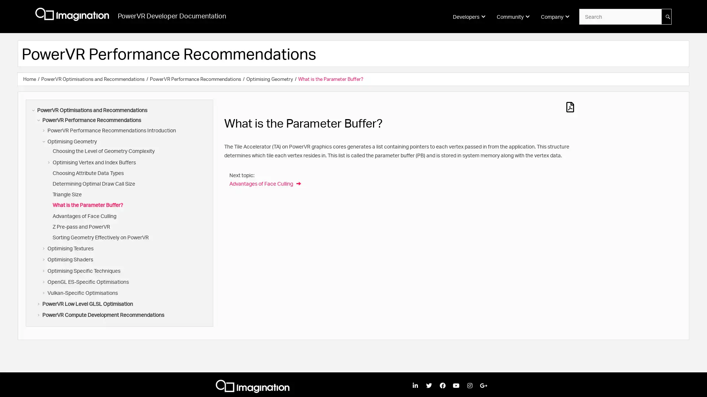 This screenshot has height=397, width=707. I want to click on Expand Optimising Specific Techniques, so click(44, 271).